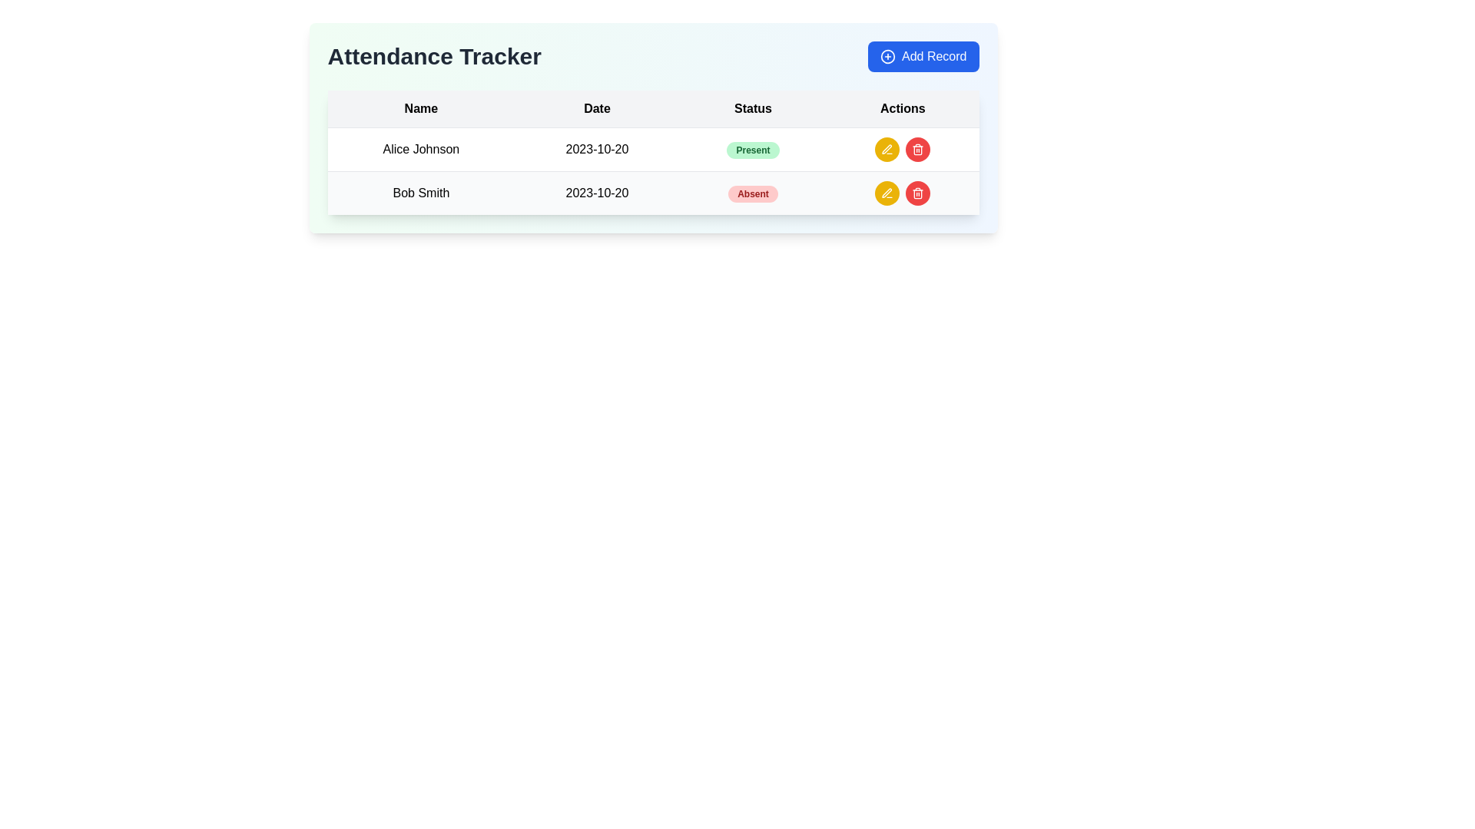 The width and height of the screenshot is (1475, 829). What do you see at coordinates (887, 192) in the screenshot?
I see `the Edit button (pencil icon) in the Actions column of the second row of the Attendance Tracker table` at bounding box center [887, 192].